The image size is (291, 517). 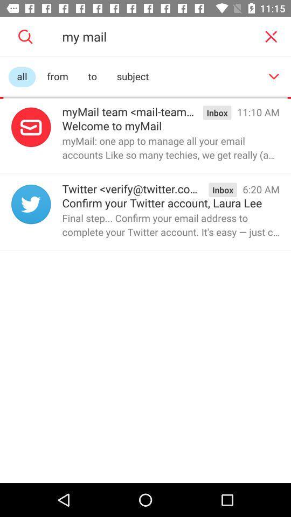 I want to click on twitter, so click(x=31, y=204).